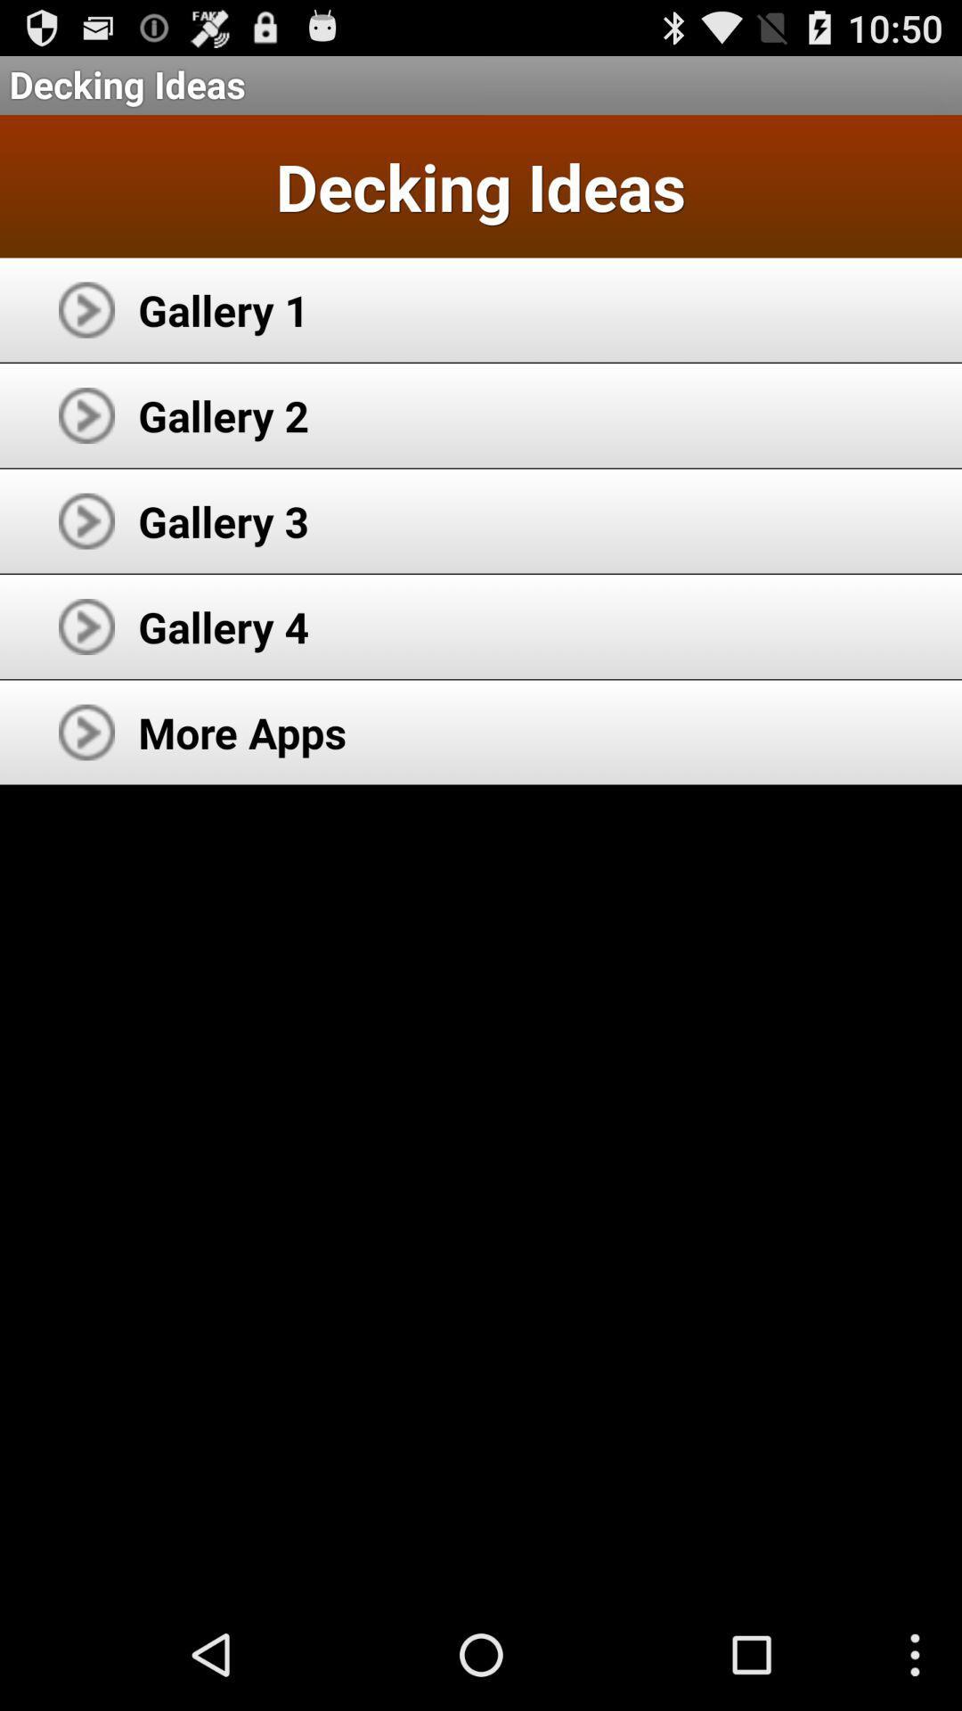  Describe the element at coordinates (223, 309) in the screenshot. I see `the app above the gallery 2 icon` at that location.